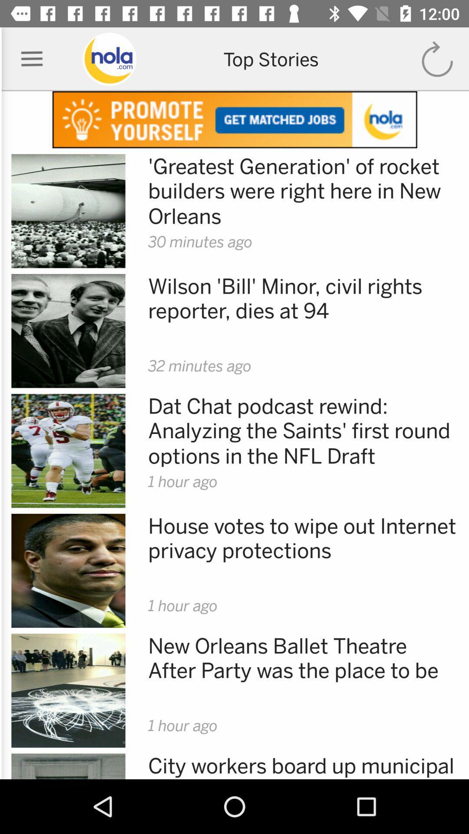  Describe the element at coordinates (234, 119) in the screenshot. I see `advertisement` at that location.